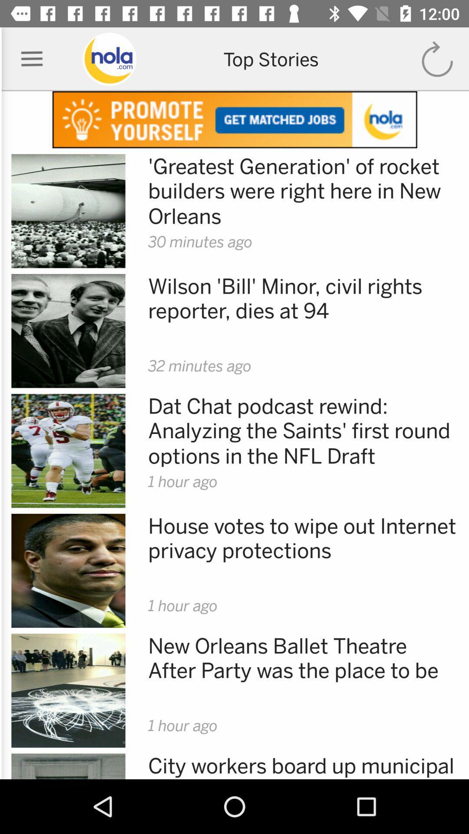  Describe the element at coordinates (234, 119) in the screenshot. I see `advertisement` at that location.